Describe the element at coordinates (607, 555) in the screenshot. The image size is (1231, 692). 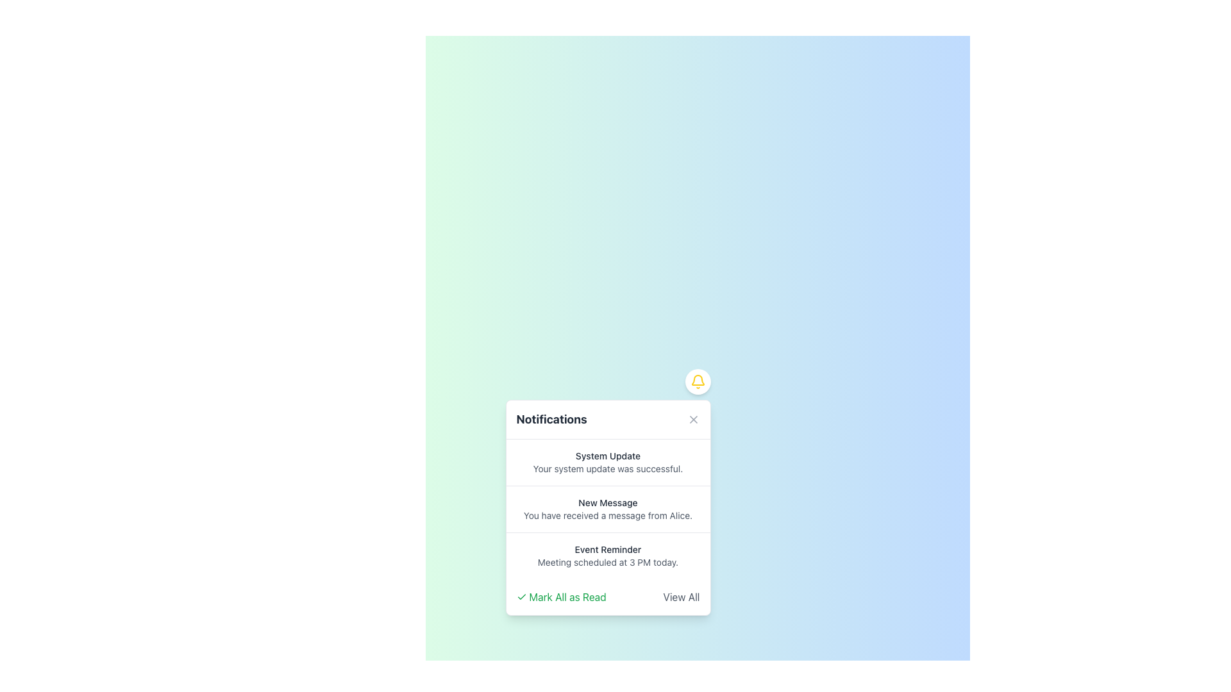
I see `the third notification item in the 'Notifications' section that displays details about an upcoming meeting` at that location.